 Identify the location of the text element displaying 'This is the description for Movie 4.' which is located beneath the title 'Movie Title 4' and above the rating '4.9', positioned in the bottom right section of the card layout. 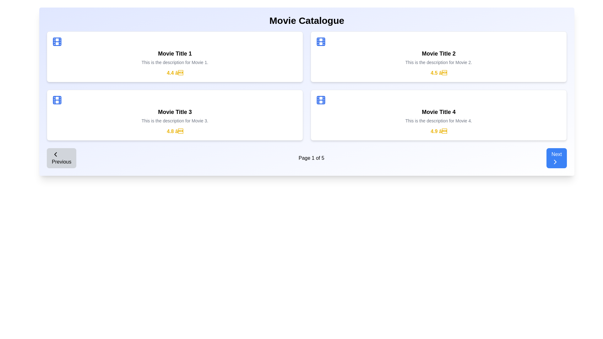
(438, 121).